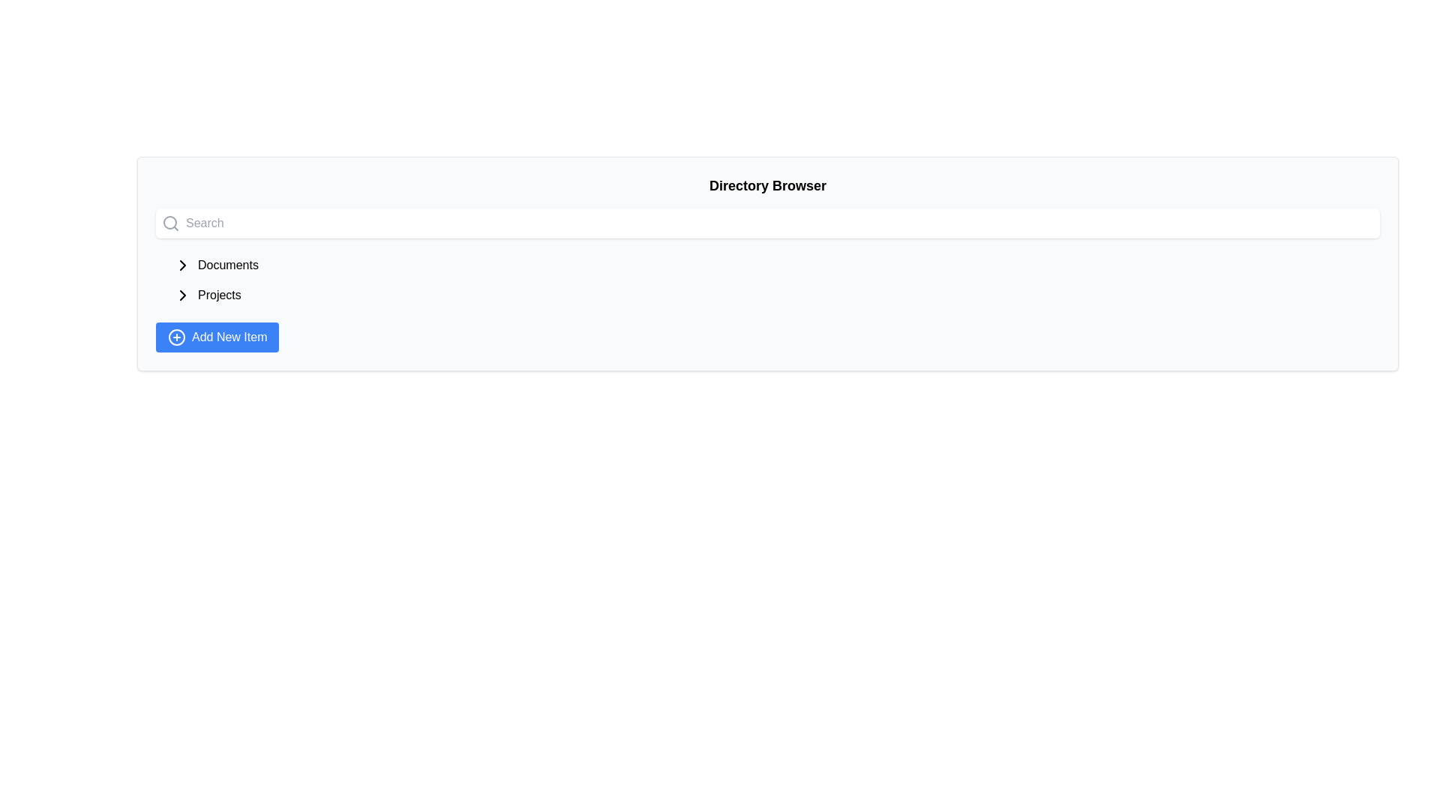 The width and height of the screenshot is (1440, 810). Describe the element at coordinates (767, 223) in the screenshot. I see `the Search input field located directly below the 'Directory Browser' title to focus on it` at that location.